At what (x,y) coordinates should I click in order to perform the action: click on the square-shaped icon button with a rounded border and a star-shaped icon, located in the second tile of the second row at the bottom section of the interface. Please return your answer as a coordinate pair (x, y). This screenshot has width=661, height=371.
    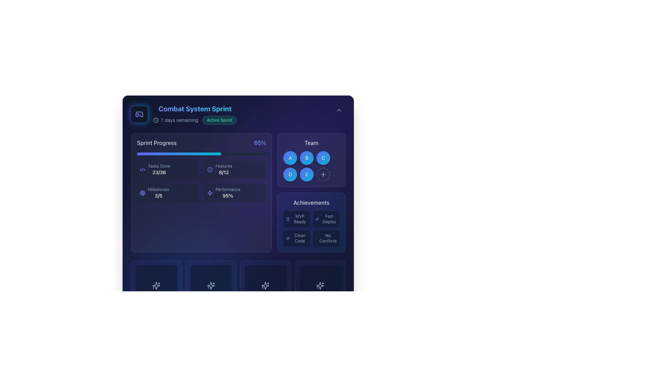
    Looking at the image, I should click on (210, 286).